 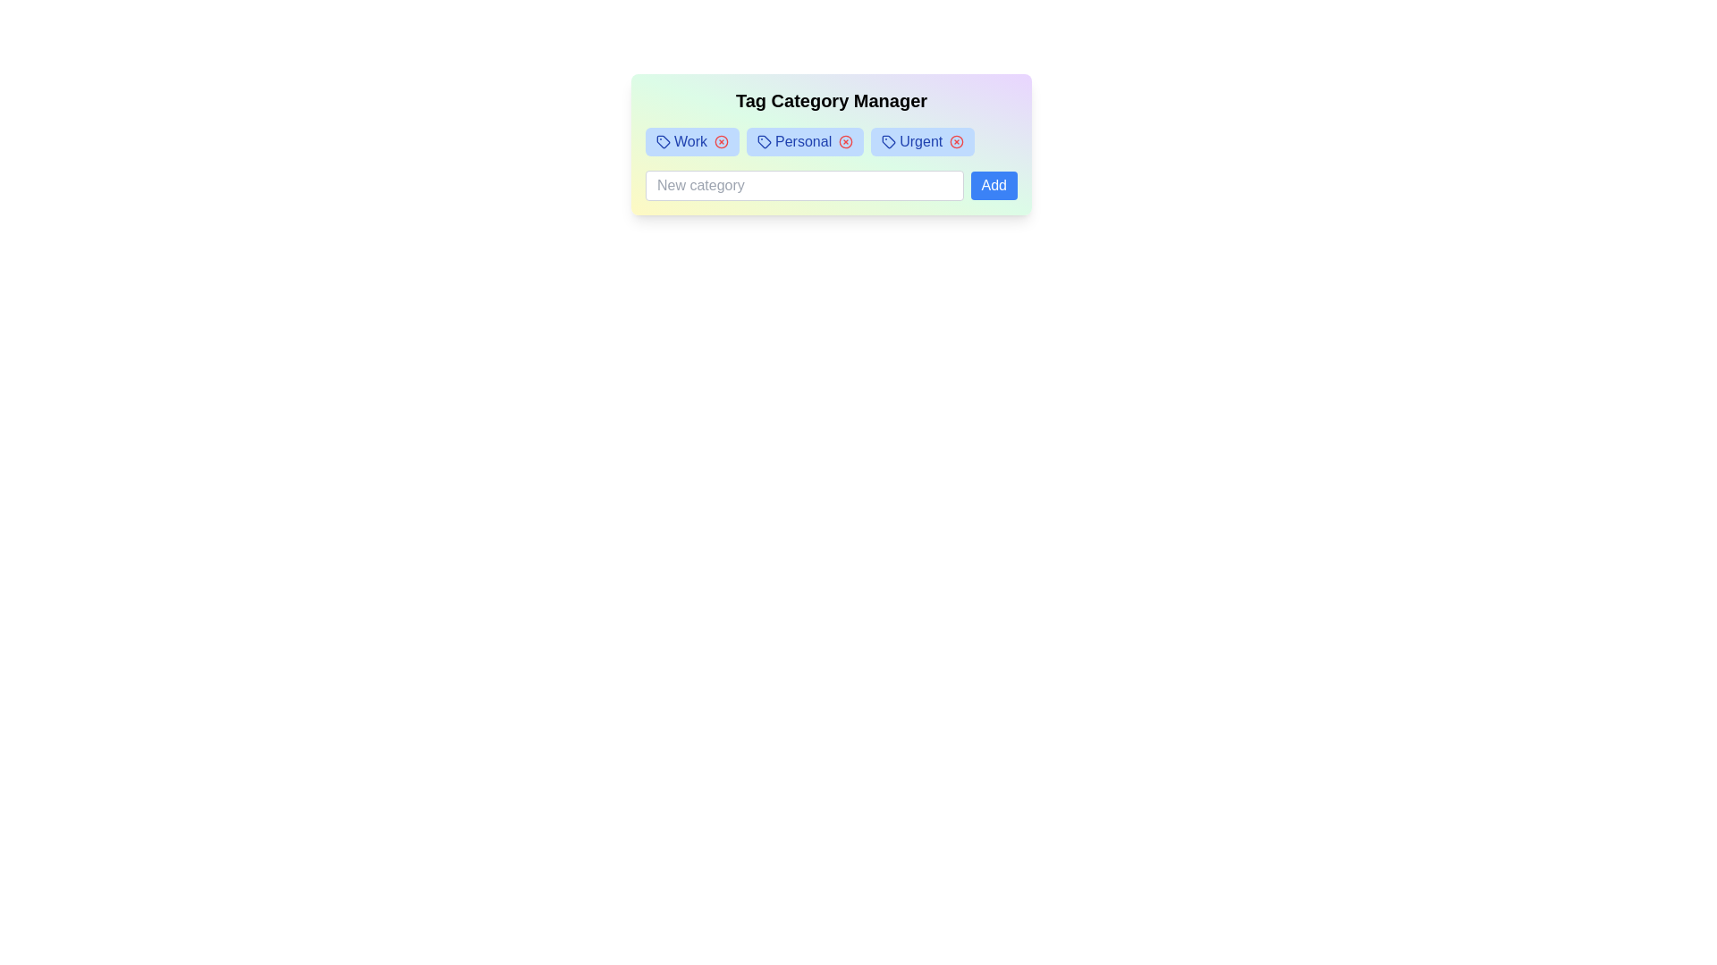 I want to click on the SVG circle graphical element forming the circular border of the close icon within the 'Work' tag, so click(x=721, y=140).